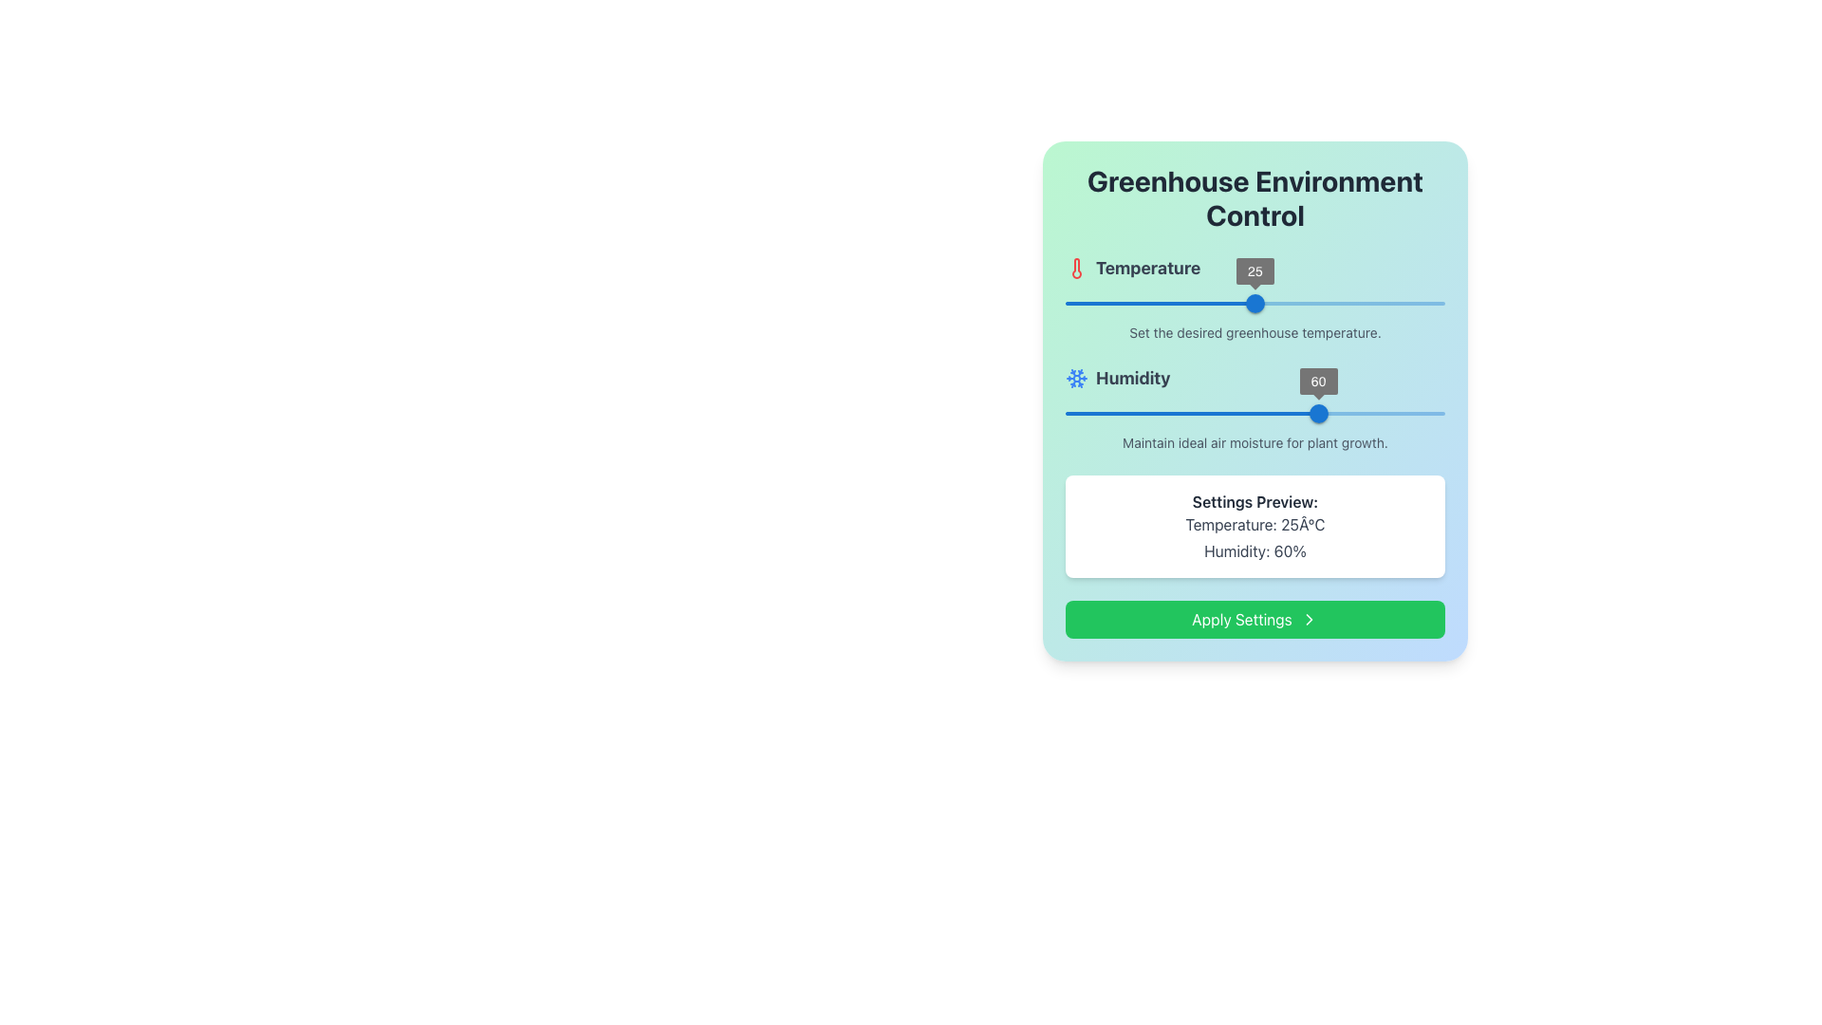 This screenshot has height=1025, width=1822. Describe the element at coordinates (1255, 551) in the screenshot. I see `the static text label displaying 'Humidity: 60%' located under the 'Temperature: 25°C' text in the 'Settings Preview' section` at that location.